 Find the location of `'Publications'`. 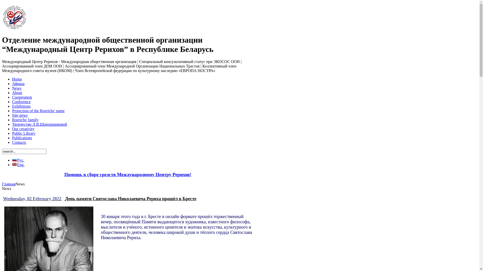

'Publications' is located at coordinates (12, 138).